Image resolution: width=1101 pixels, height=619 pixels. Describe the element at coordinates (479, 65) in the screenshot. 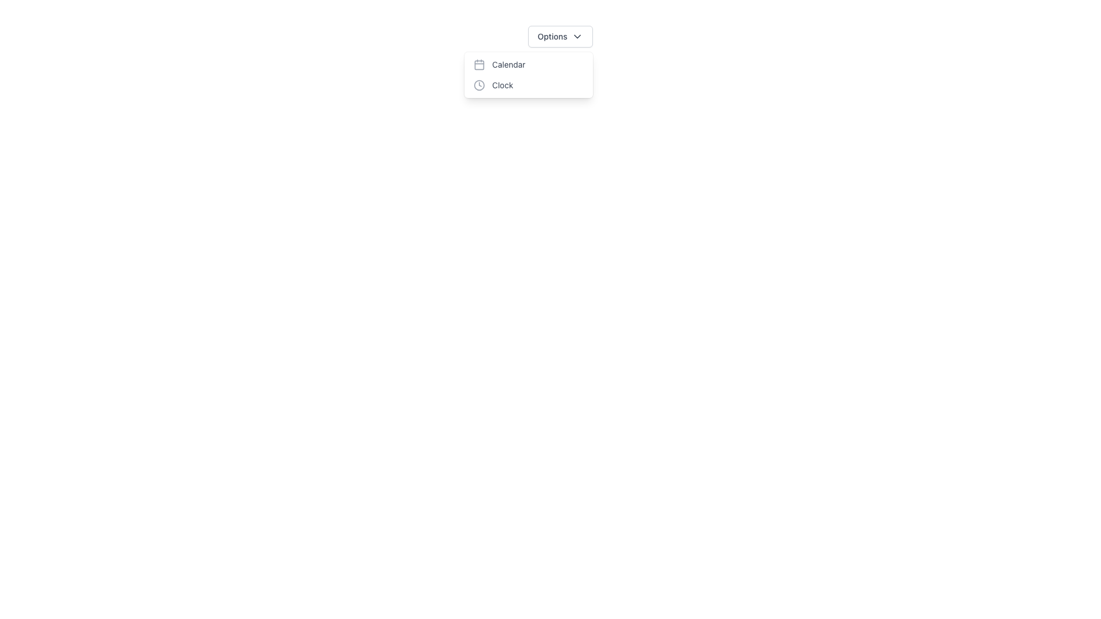

I see `the decorative calendar grid icon within the calendar icon, which is positioned to the left of the 'Calendar' text label in the dropdown menu` at that location.